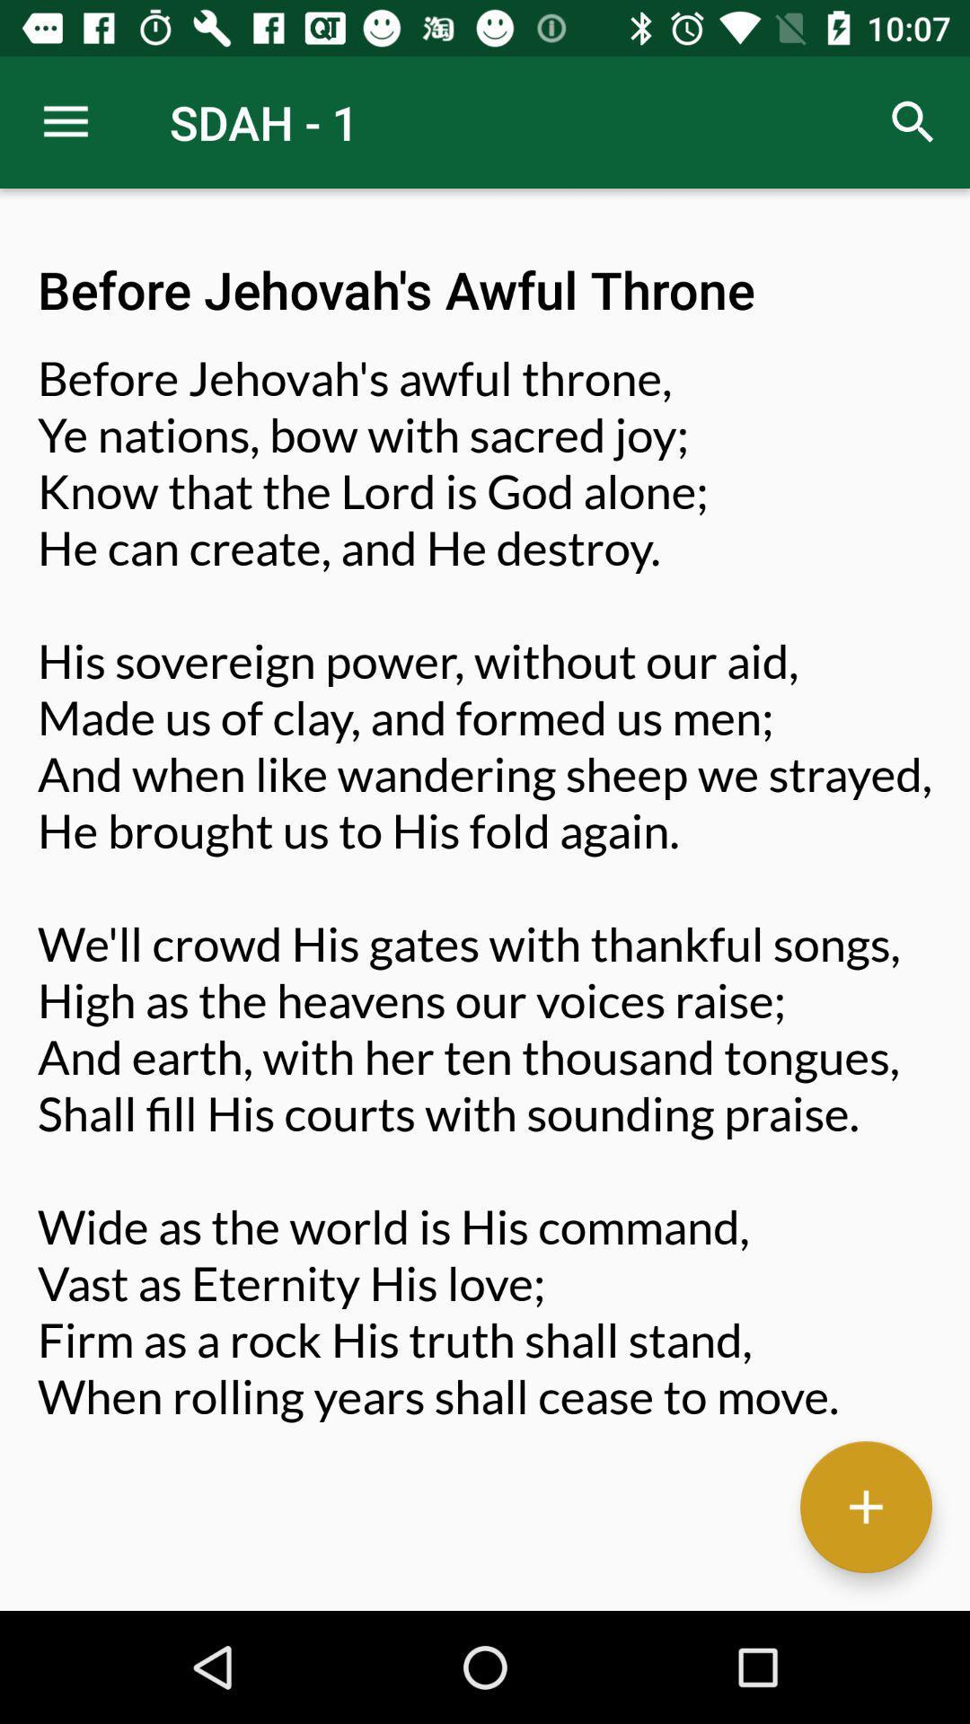 This screenshot has height=1724, width=970. What do you see at coordinates (865, 1507) in the screenshot?
I see `the item below before jehovah s item` at bounding box center [865, 1507].